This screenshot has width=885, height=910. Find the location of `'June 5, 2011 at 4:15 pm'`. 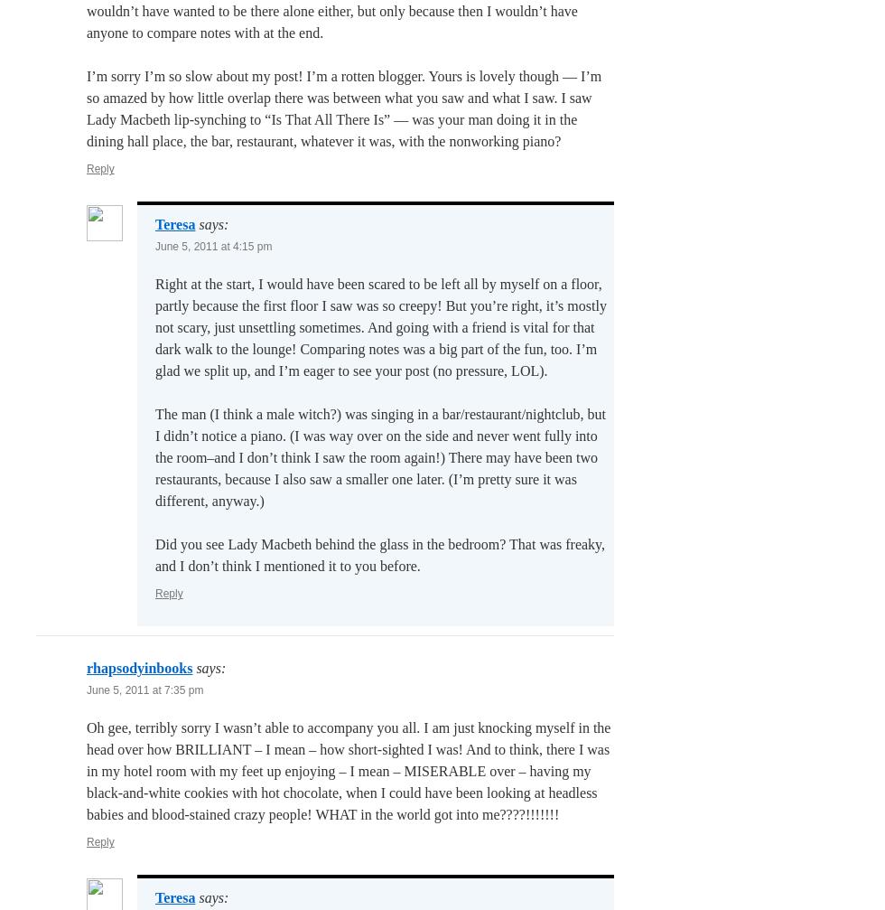

'June 5, 2011 at 4:15 pm' is located at coordinates (213, 246).